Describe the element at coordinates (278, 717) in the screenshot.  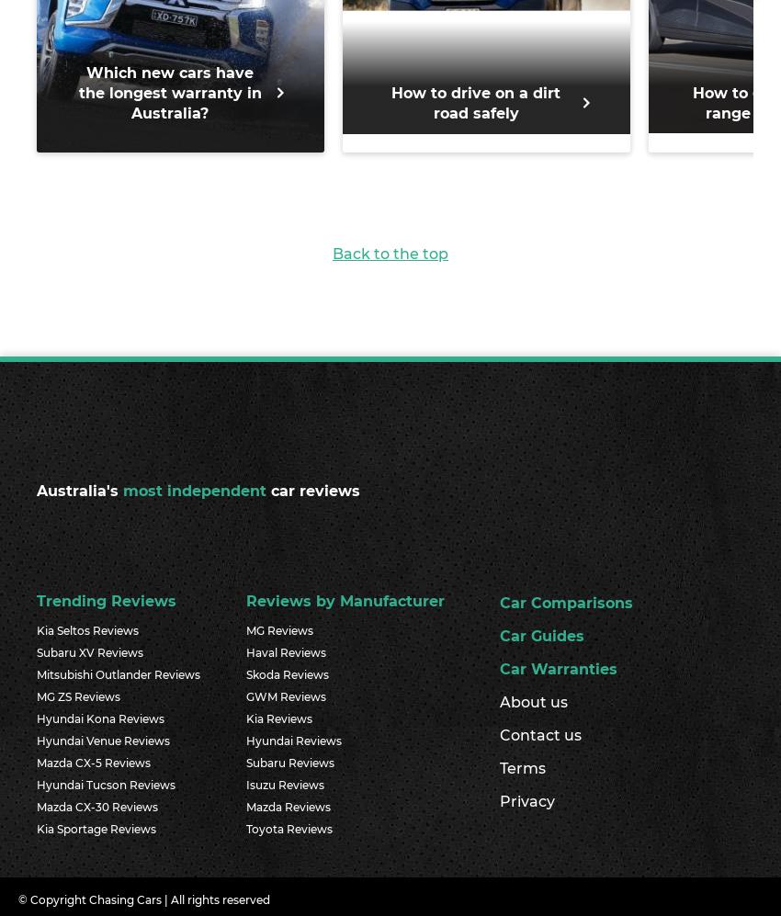
I see `'Kia Reviews'` at that location.